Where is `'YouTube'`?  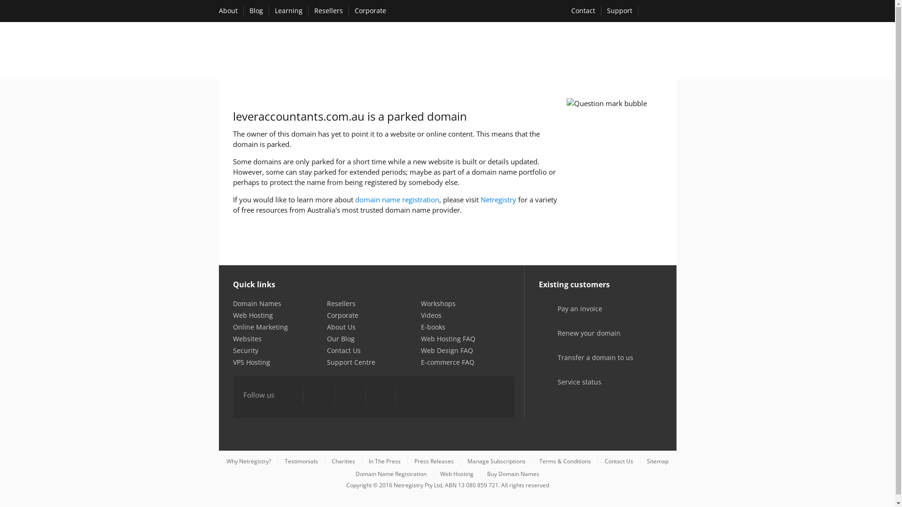 'YouTube' is located at coordinates (349, 396).